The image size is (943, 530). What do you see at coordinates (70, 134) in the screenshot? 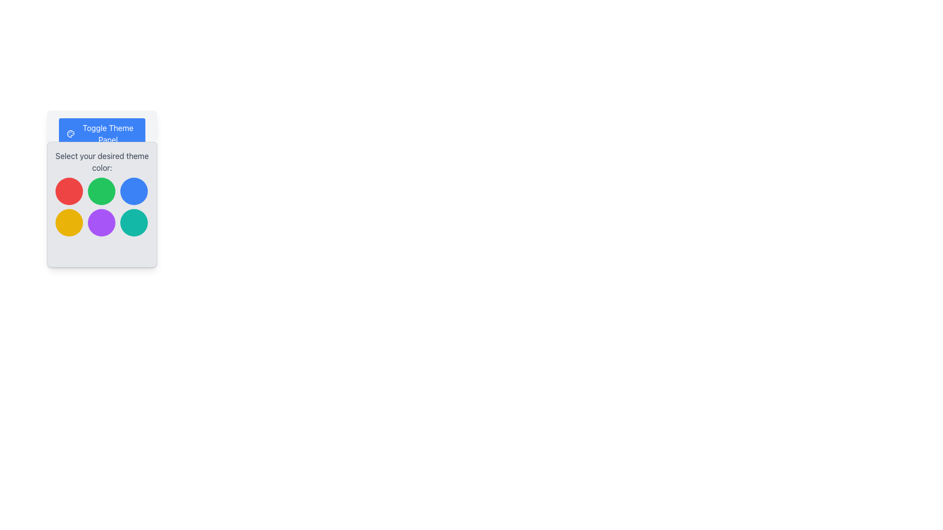
I see `the icon associated with the 'Toggle Theme Panel' button for accessibility purposes` at bounding box center [70, 134].